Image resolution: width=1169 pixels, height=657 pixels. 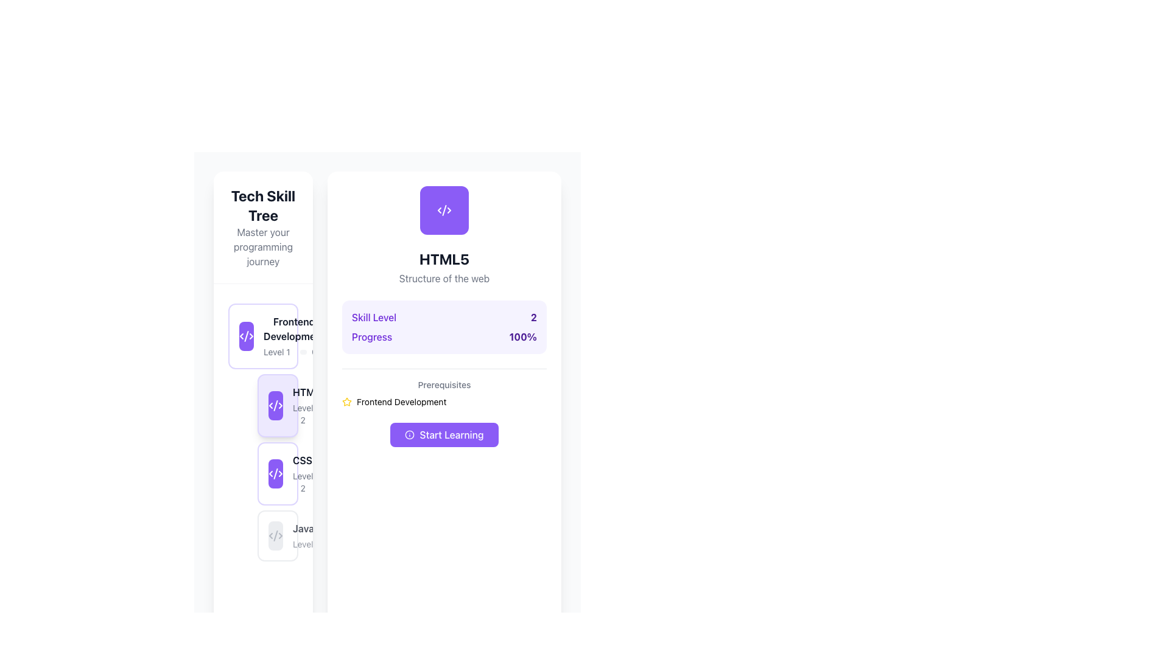 What do you see at coordinates (275, 406) in the screenshot?
I see `the central line of the SVG icon that represents coding or syntax-related operations in the navigation sidebar` at bounding box center [275, 406].